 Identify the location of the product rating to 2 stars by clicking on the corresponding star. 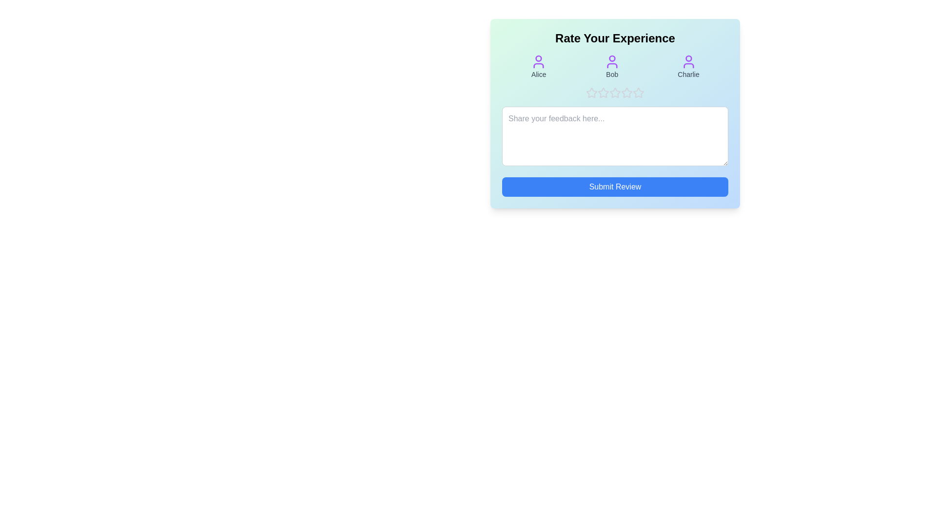
(603, 93).